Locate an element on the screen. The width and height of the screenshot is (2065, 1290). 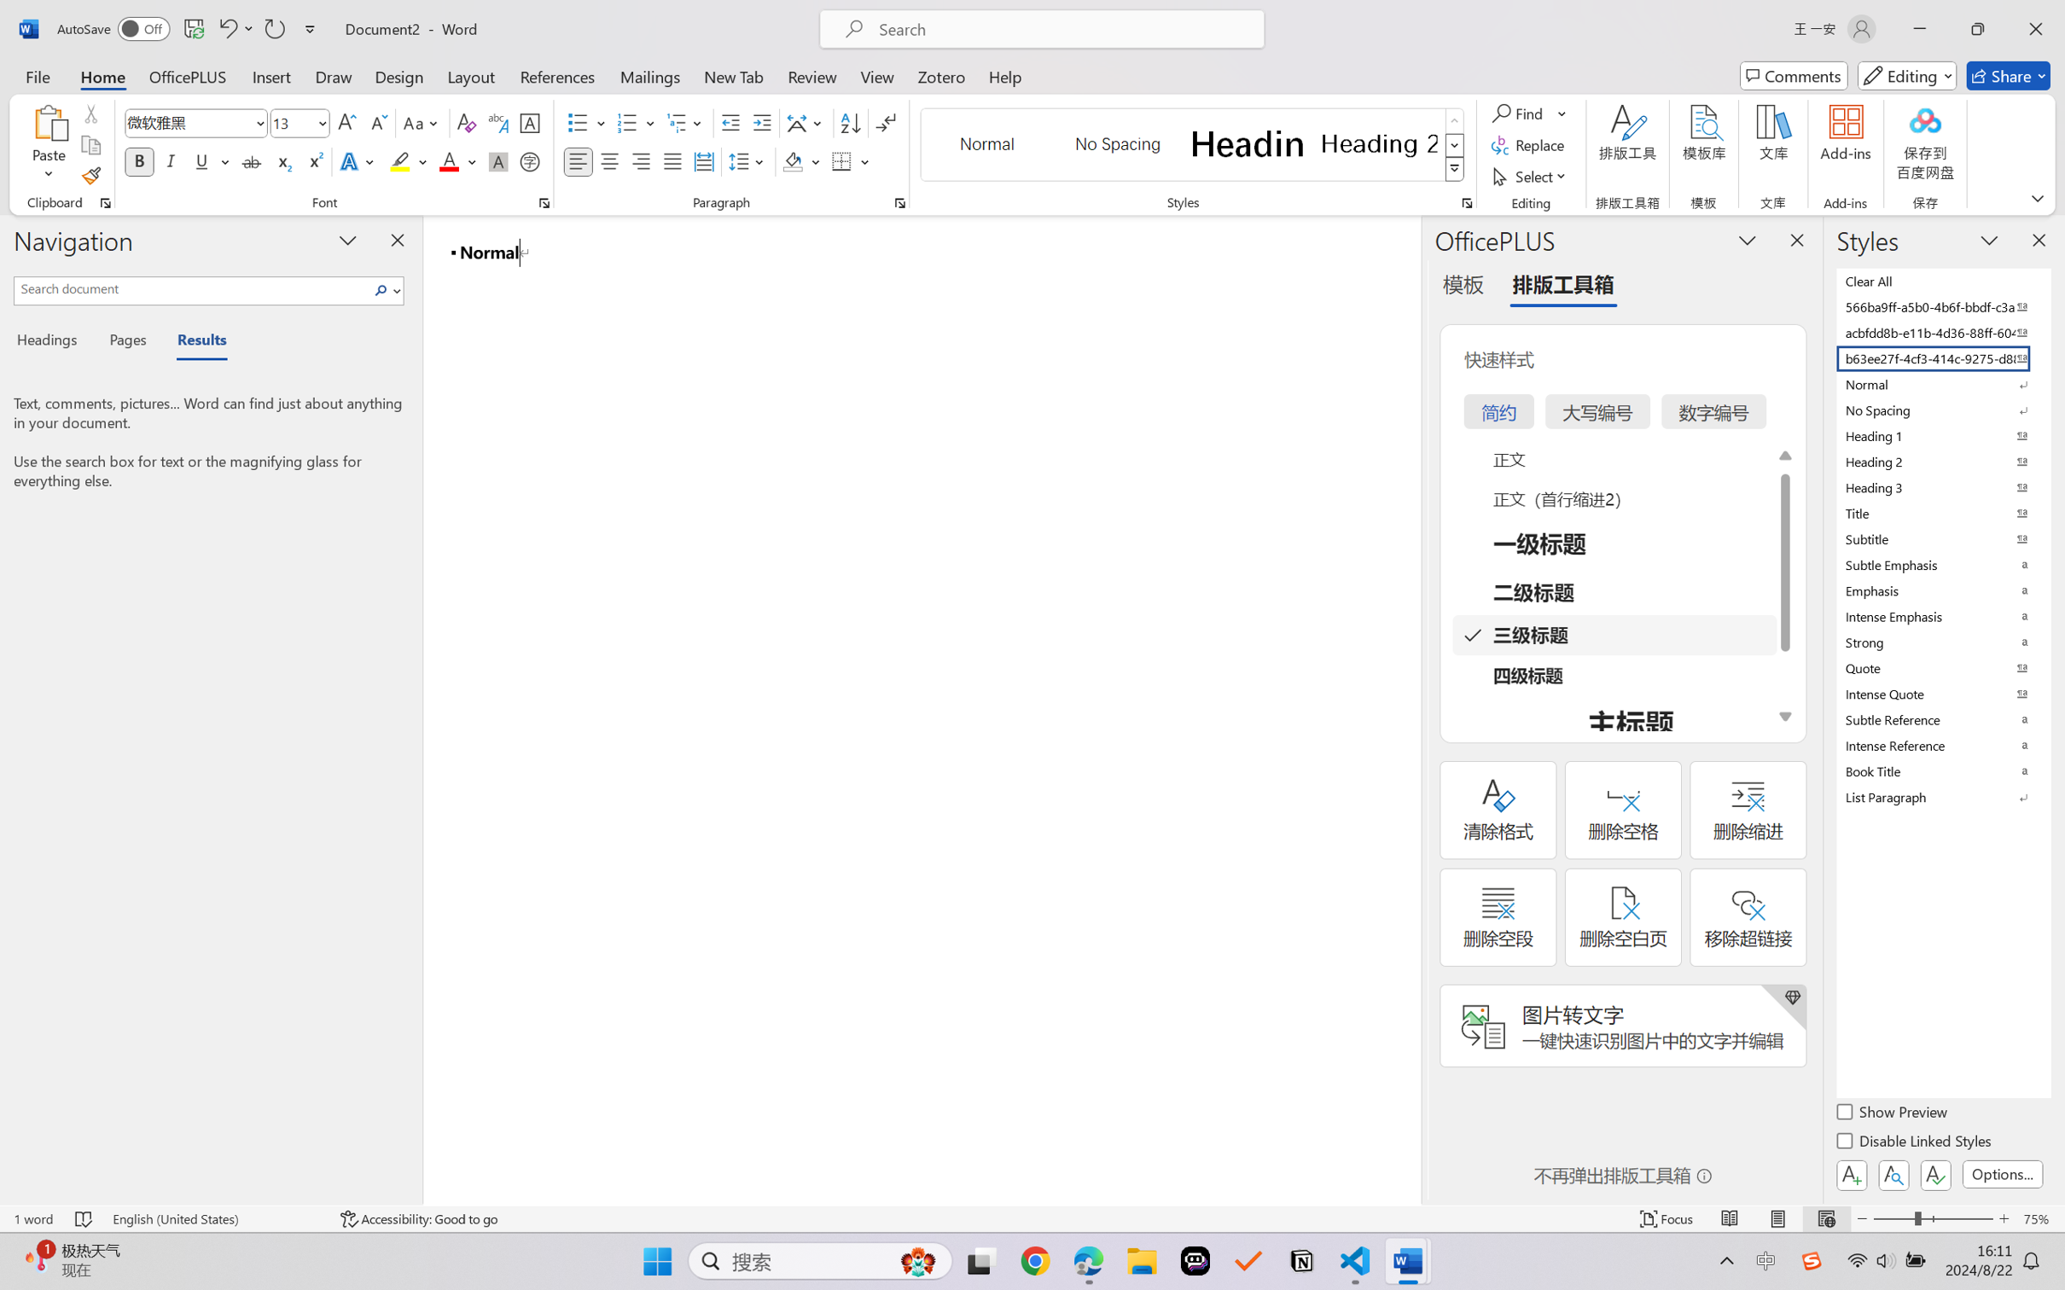
'Character Shading' is located at coordinates (496, 160).